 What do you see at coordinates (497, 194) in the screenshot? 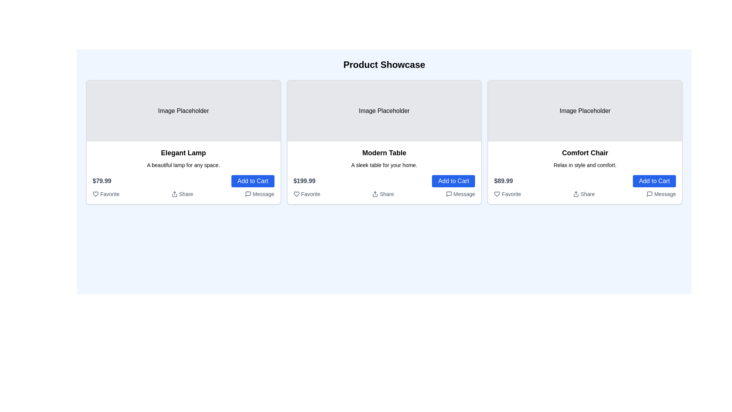
I see `the heart-shaped favorite icon located to the left of the 'Favorite' text in the bottom section of the 'Comfort Chair' product card to mark it as favorite` at bounding box center [497, 194].